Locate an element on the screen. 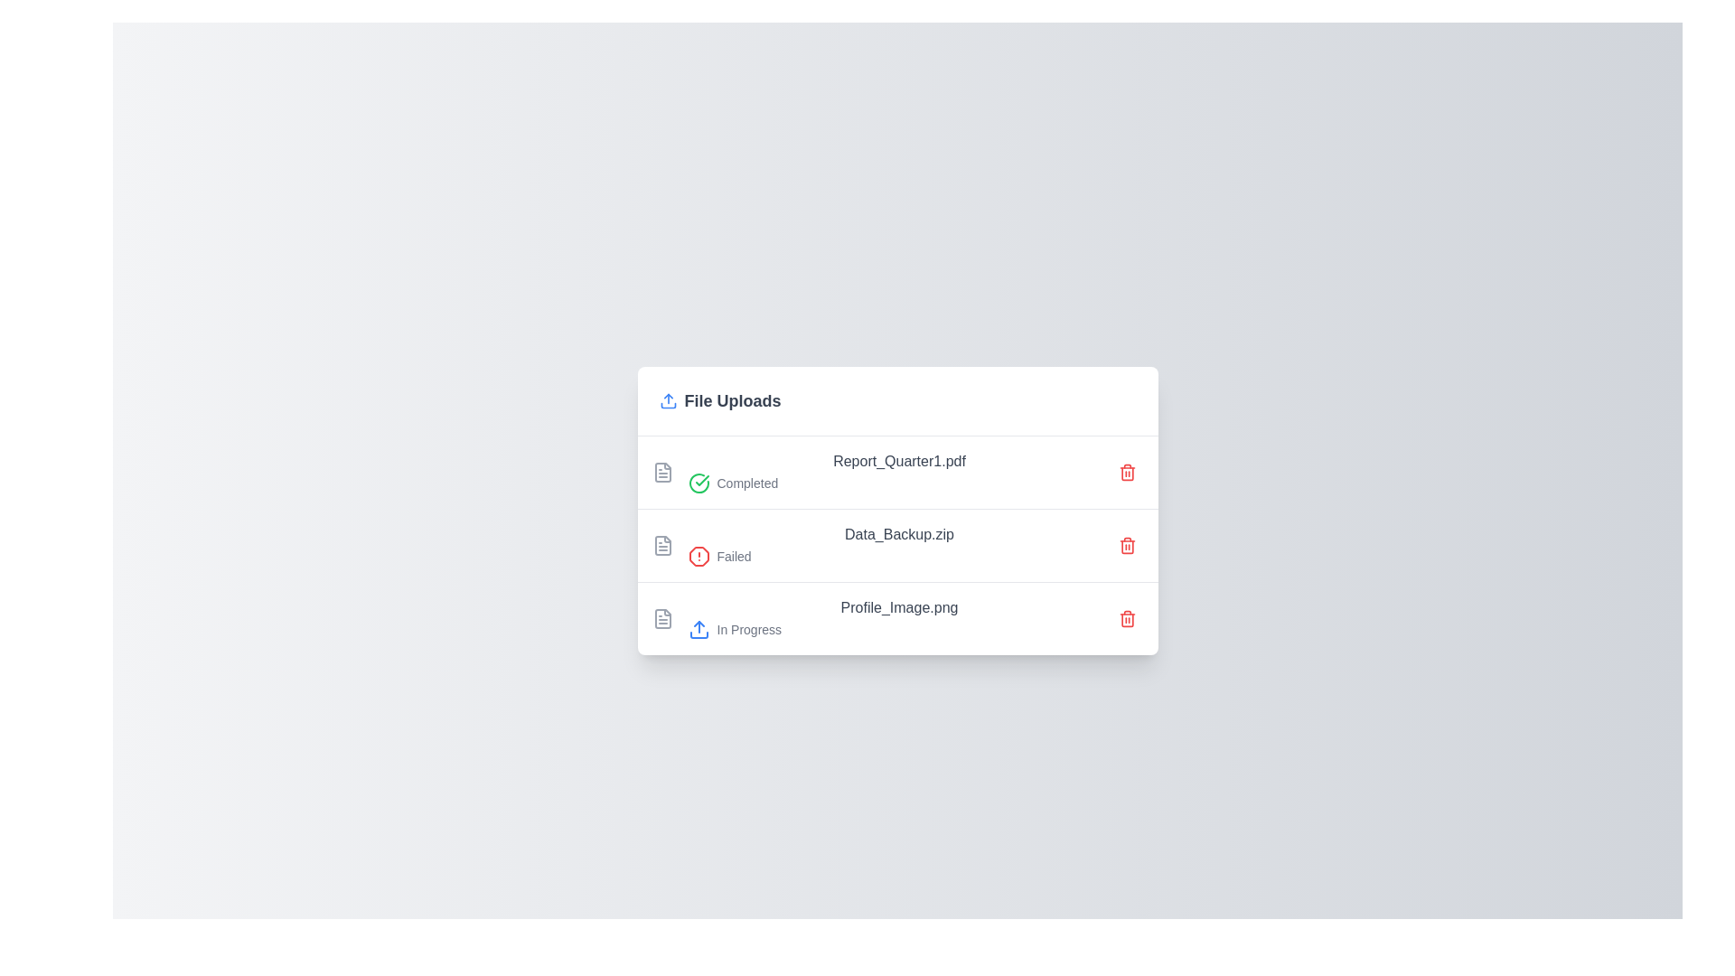  the file upload icon located at the leftmost part of the 'File Uploads' header section, adjacent to its descriptive text is located at coordinates (667, 399).